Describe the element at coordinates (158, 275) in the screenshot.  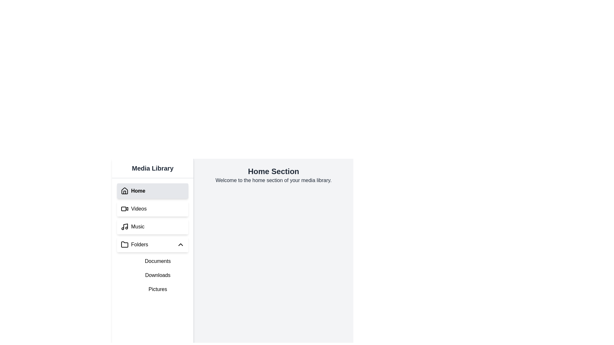
I see `the 'Downloads' text label, which is the second item in the vertical list of folders including 'Documents,' 'Downloads,' and 'Pictures.'` at that location.